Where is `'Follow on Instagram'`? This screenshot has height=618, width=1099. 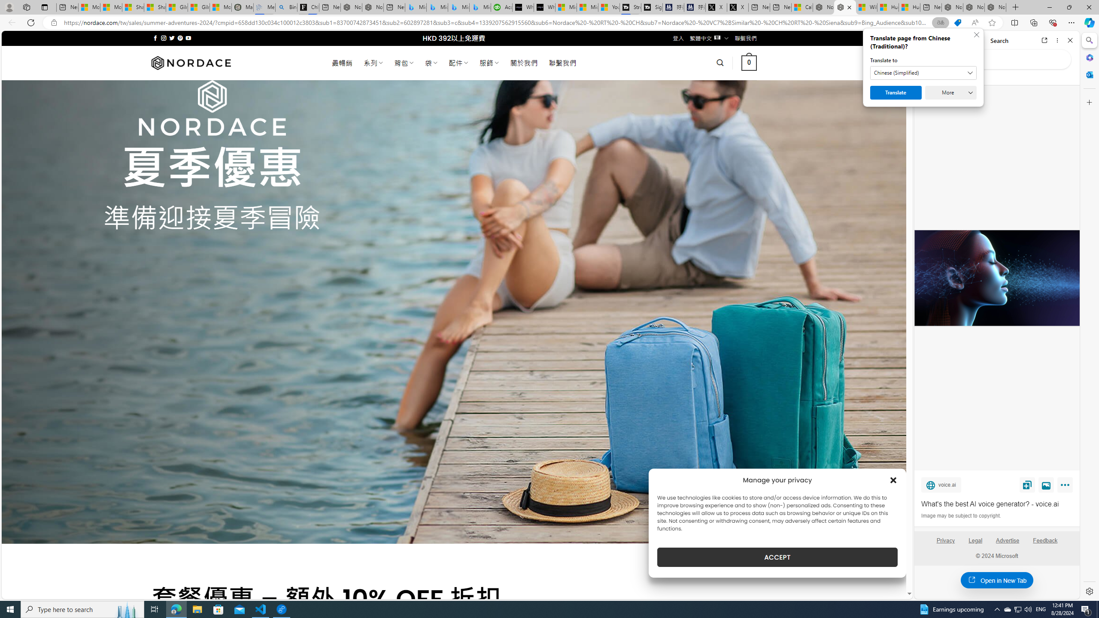
'Follow on Instagram' is located at coordinates (163, 38).